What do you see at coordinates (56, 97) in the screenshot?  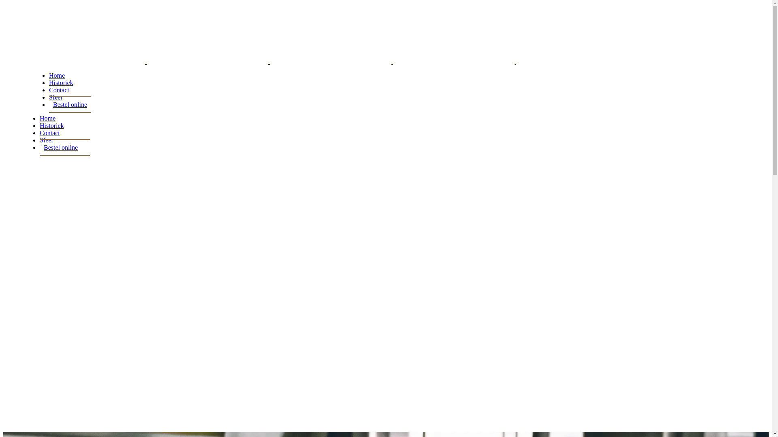 I see `'Sfeer'` at bounding box center [56, 97].